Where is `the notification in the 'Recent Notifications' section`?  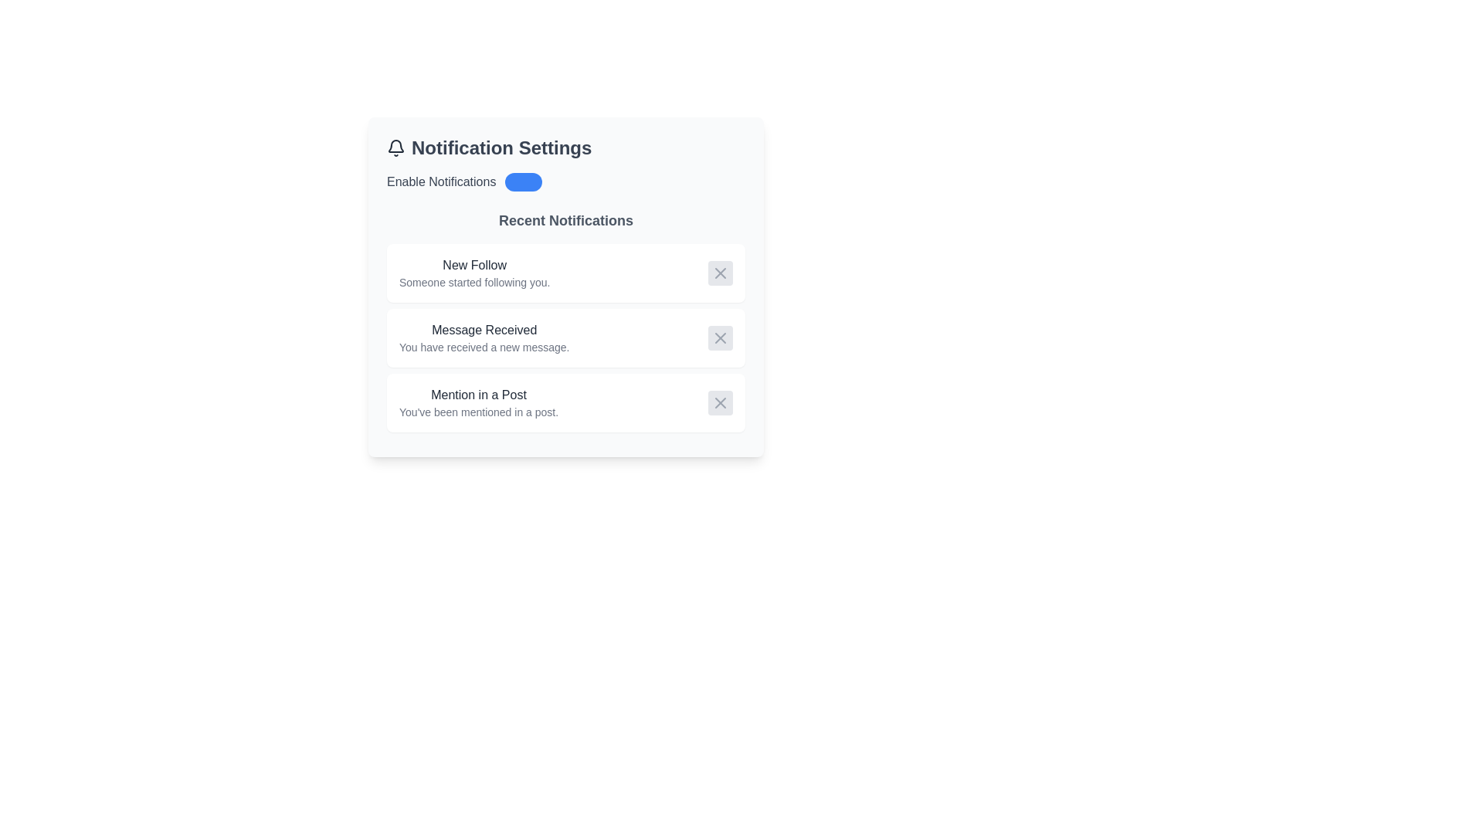 the notification in the 'Recent Notifications' section is located at coordinates (565, 320).